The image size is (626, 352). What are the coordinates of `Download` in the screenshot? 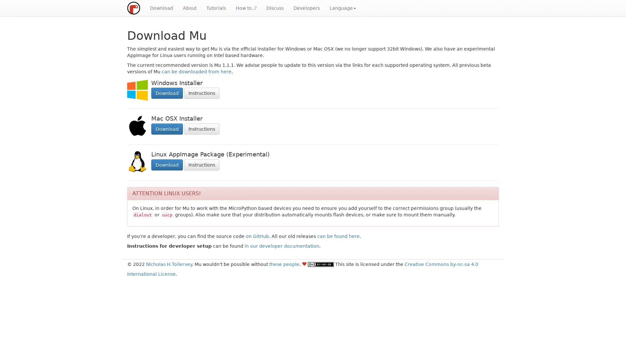 It's located at (167, 129).